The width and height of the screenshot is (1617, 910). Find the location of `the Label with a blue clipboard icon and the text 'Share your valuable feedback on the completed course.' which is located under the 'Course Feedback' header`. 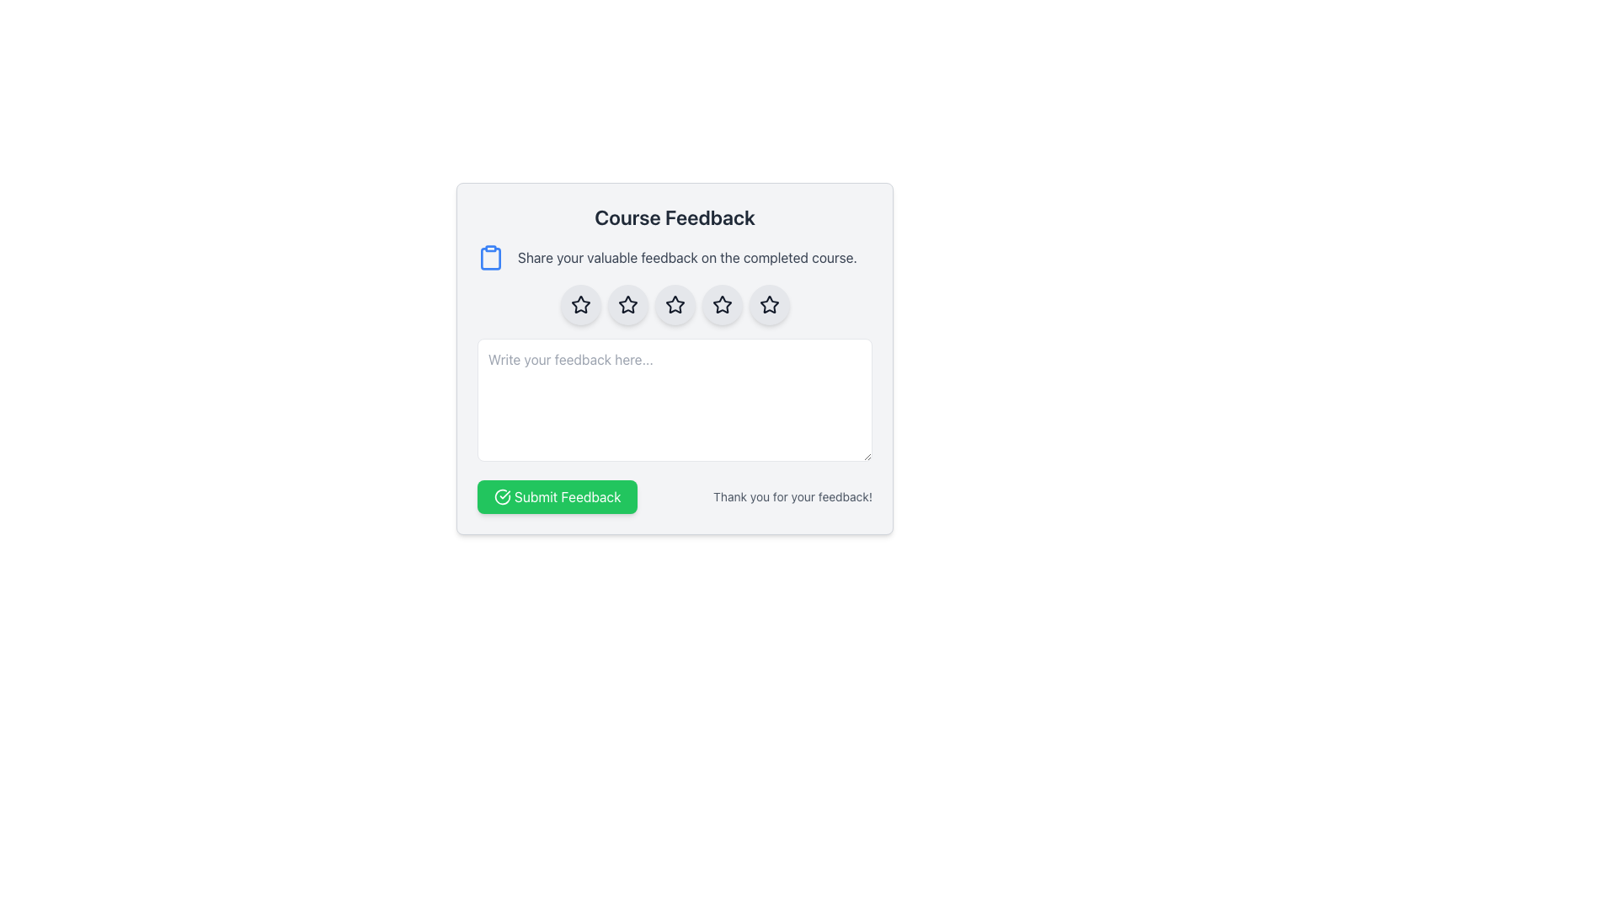

the Label with a blue clipboard icon and the text 'Share your valuable feedback on the completed course.' which is located under the 'Course Feedback' header is located at coordinates (675, 257).